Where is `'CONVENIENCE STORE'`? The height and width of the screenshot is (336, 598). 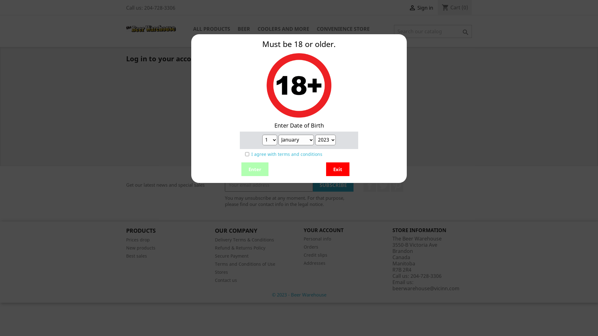 'CONVENIENCE STORE' is located at coordinates (314, 29).